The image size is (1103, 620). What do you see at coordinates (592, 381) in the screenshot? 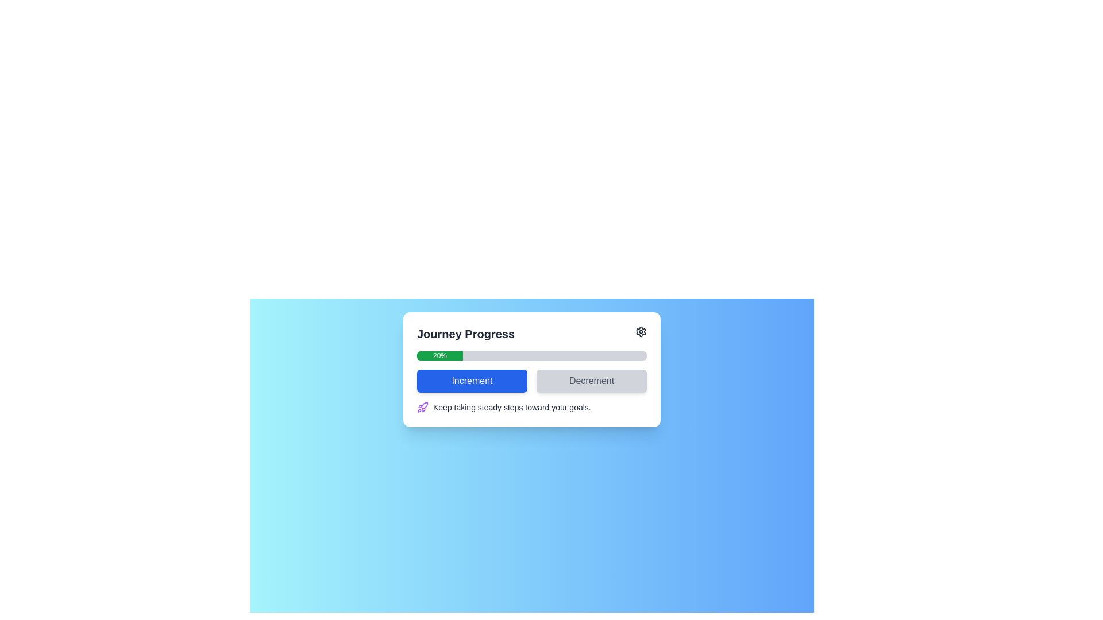
I see `the decrement button located on the right side of the 'Increment' button, below the 'Journey Progress' indicator` at bounding box center [592, 381].